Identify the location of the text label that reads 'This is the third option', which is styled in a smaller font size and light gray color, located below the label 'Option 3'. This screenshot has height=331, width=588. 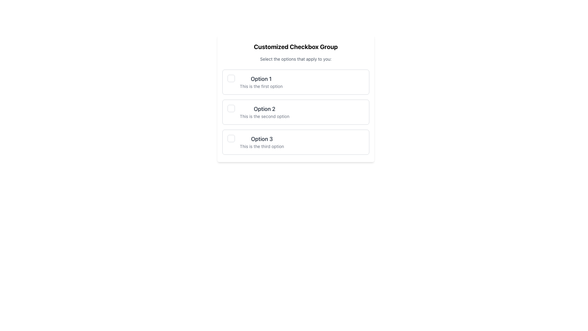
(262, 146).